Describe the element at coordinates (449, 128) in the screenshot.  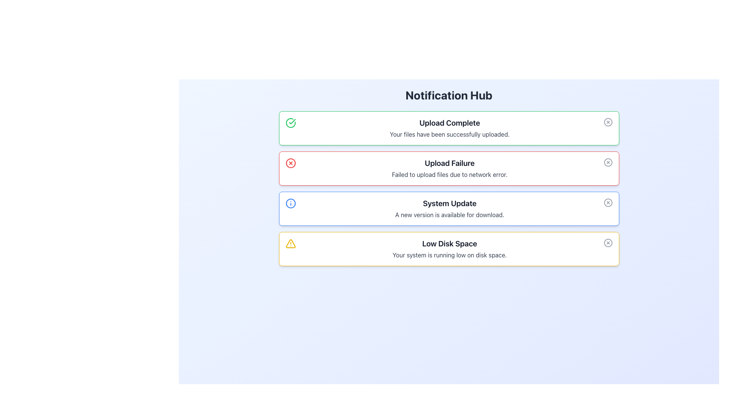
I see `message from the Notification Card located at the top of the notification list` at that location.